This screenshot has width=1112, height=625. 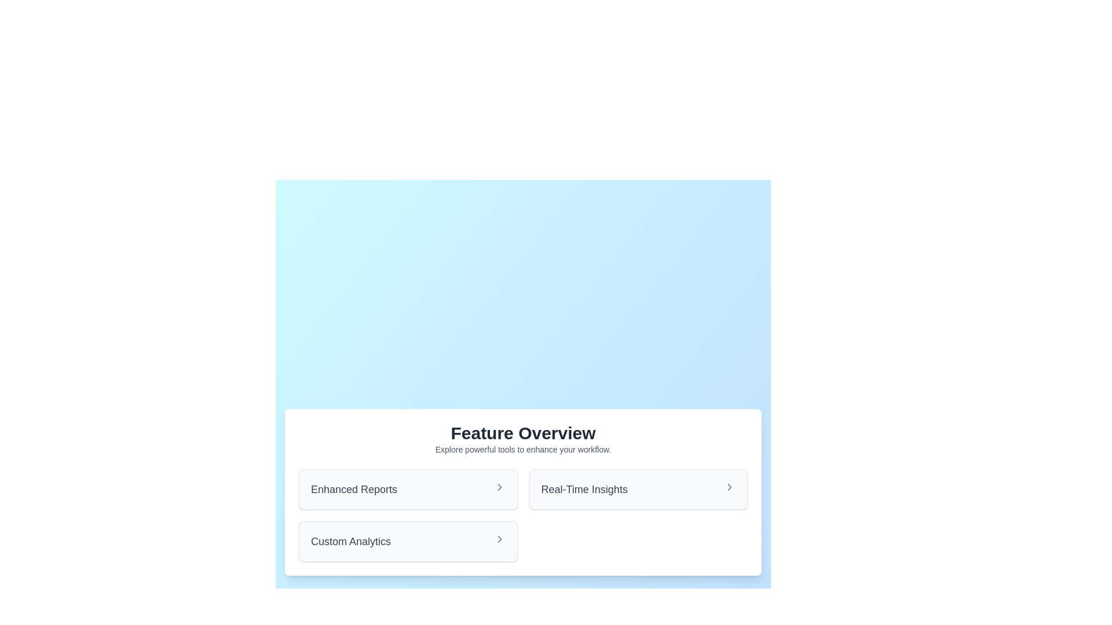 I want to click on the rightward-pointing chevron icon located within the 'Custom Analytics' option, positioned to the right side of the navigation group under 'Feature Overview', so click(x=499, y=539).